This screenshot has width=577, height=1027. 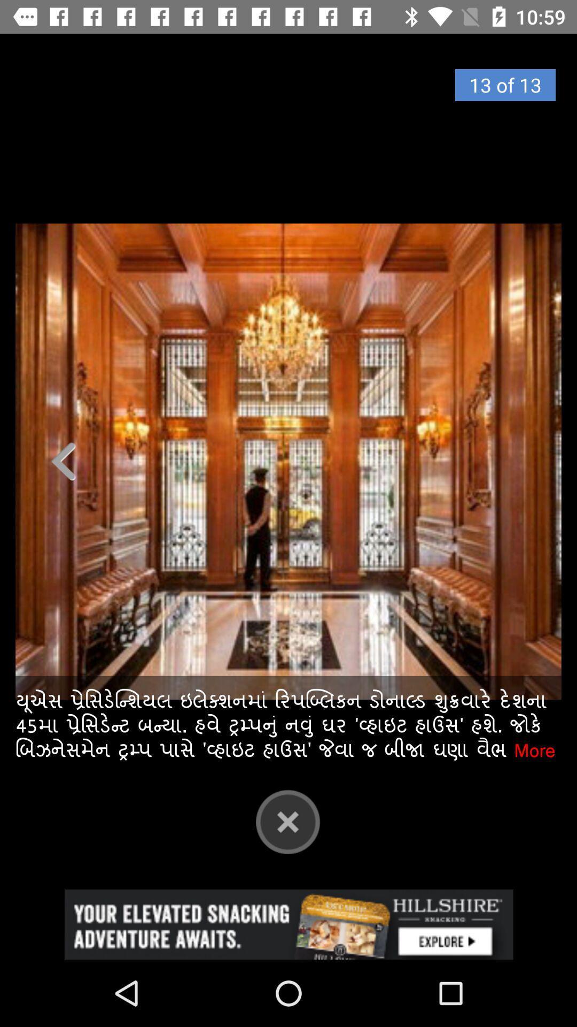 What do you see at coordinates (288, 461) in the screenshot?
I see `body` at bounding box center [288, 461].